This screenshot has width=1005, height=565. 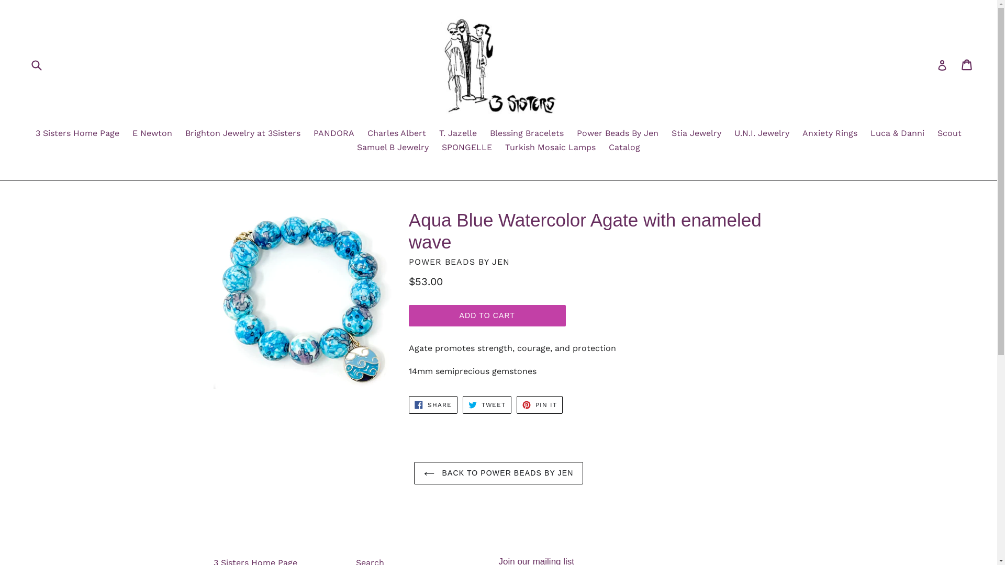 I want to click on 'Luca & Danni', so click(x=897, y=133).